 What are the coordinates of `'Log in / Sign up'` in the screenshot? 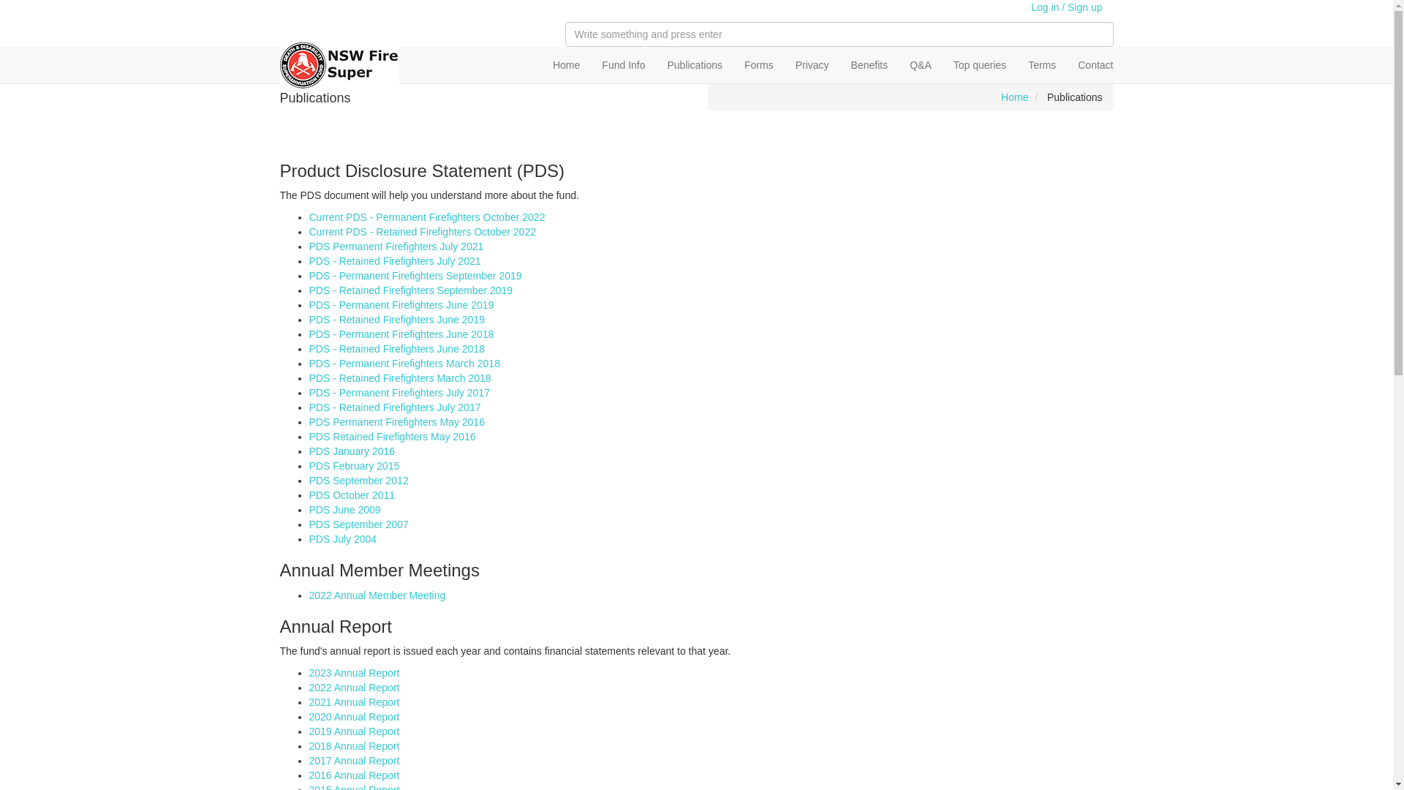 It's located at (1066, 7).